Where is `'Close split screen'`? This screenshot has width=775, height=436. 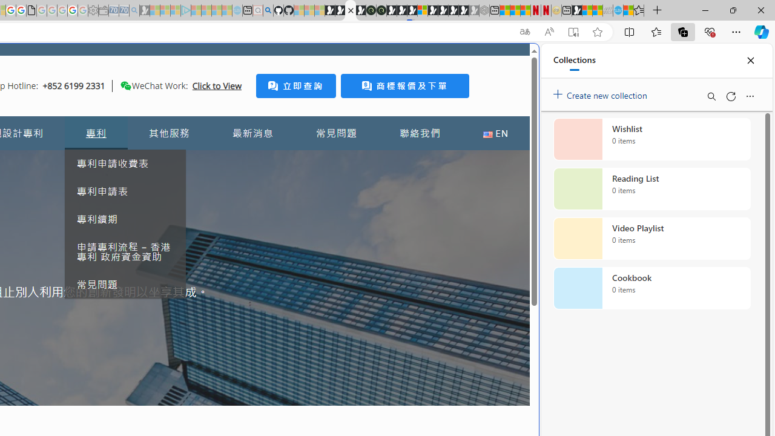 'Close split screen' is located at coordinates (511, 62).